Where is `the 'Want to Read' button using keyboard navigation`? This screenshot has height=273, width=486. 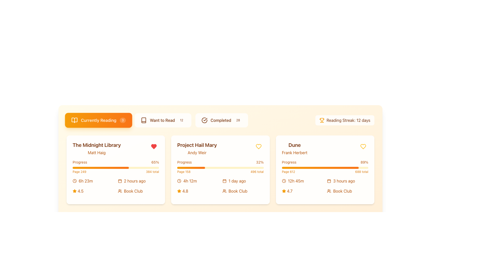 the 'Want to Read' button using keyboard navigation is located at coordinates (163, 120).